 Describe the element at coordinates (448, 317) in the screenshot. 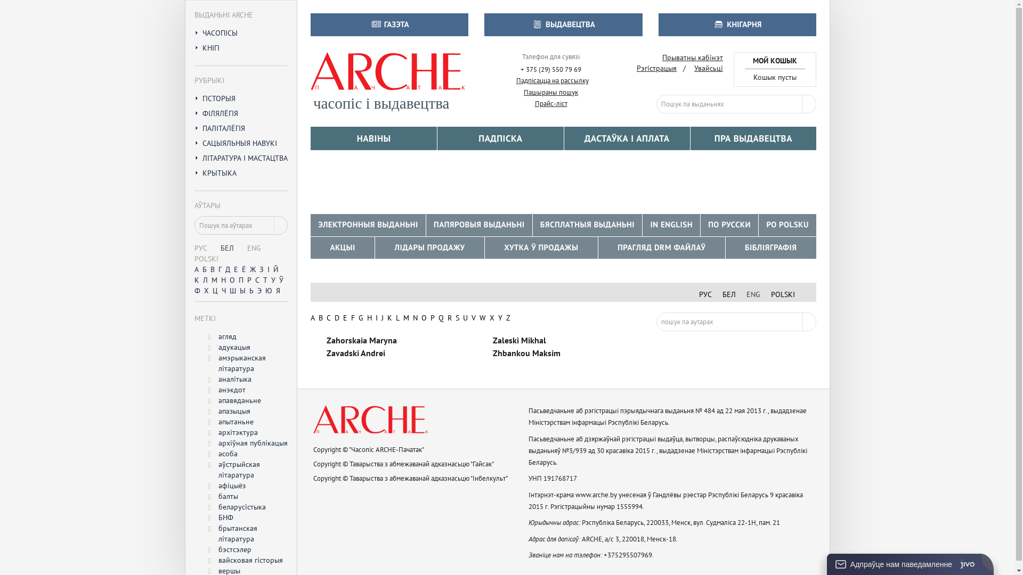

I see `'R'` at that location.